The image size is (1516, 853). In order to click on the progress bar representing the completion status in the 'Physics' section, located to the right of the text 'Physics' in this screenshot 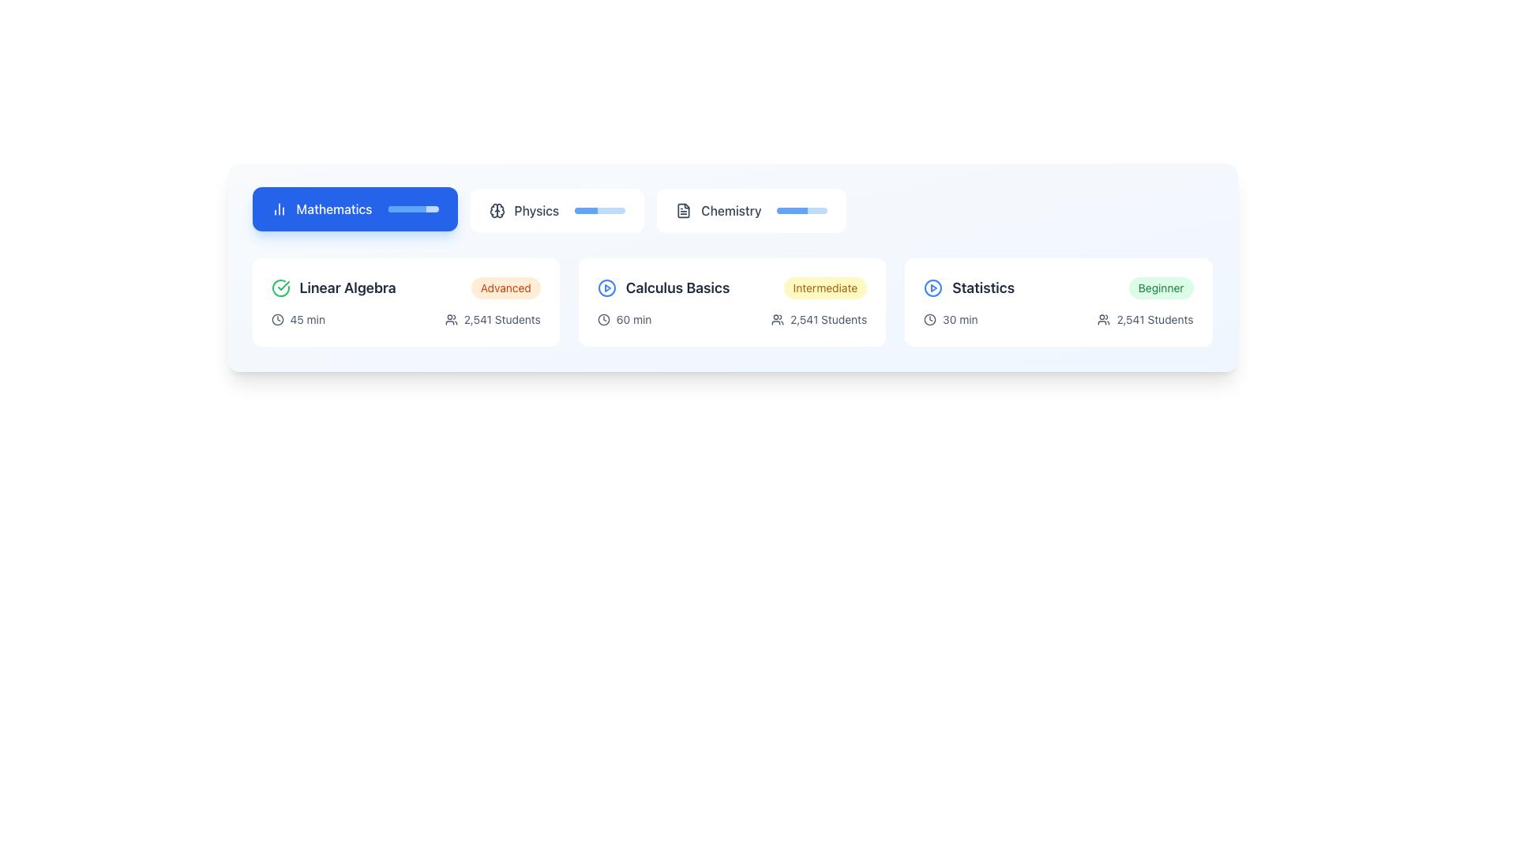, I will do `click(599, 209)`.